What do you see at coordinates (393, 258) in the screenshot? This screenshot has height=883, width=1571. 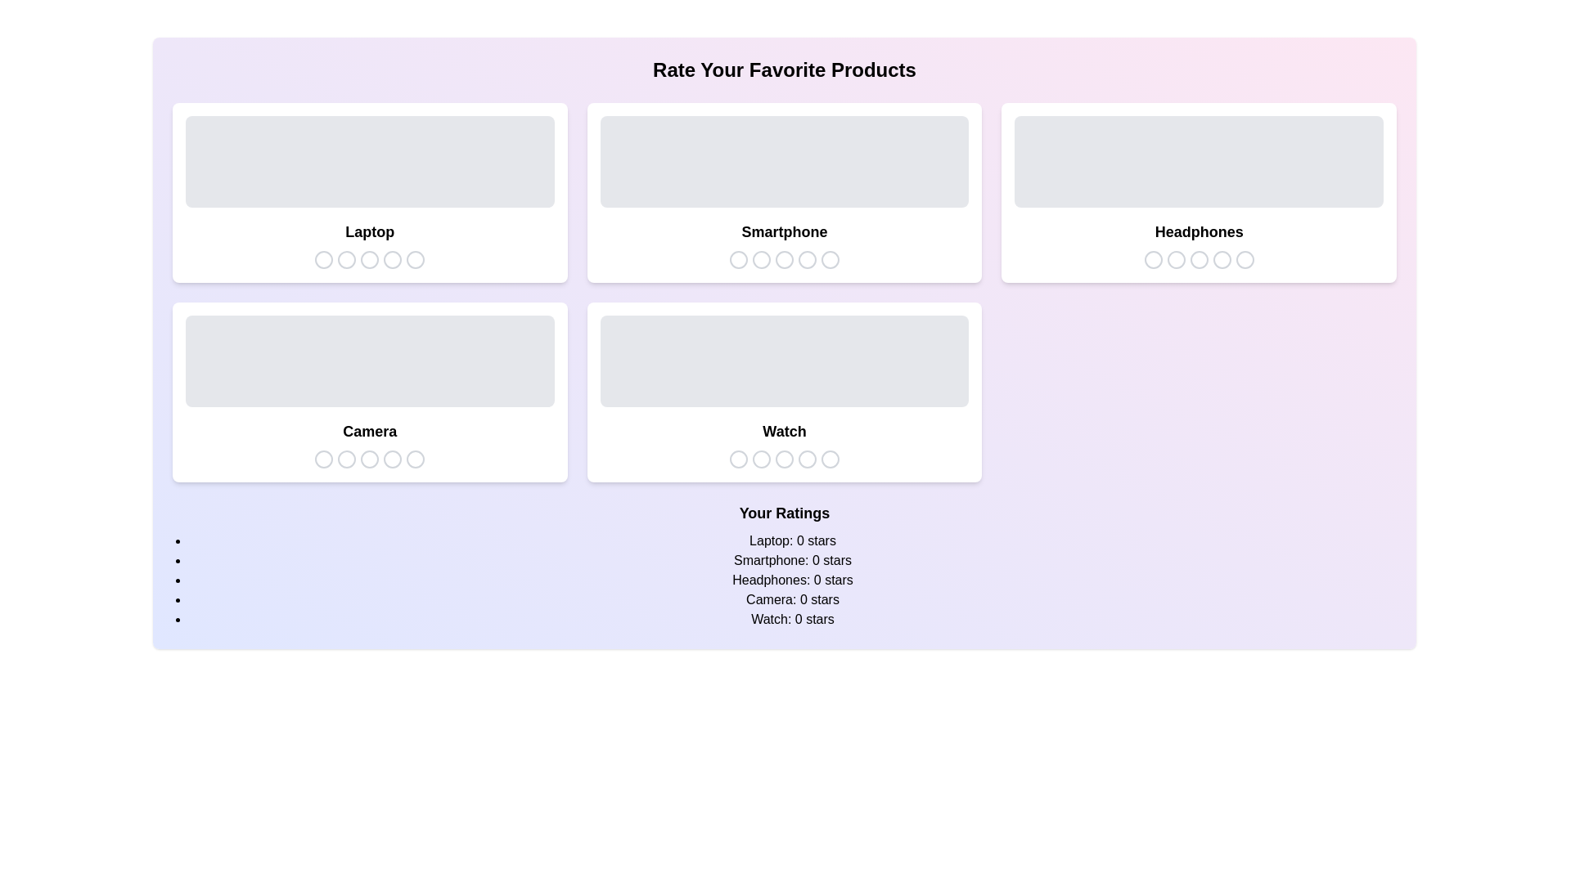 I see `the star icon corresponding to 4 stars for the product Laptop` at bounding box center [393, 258].